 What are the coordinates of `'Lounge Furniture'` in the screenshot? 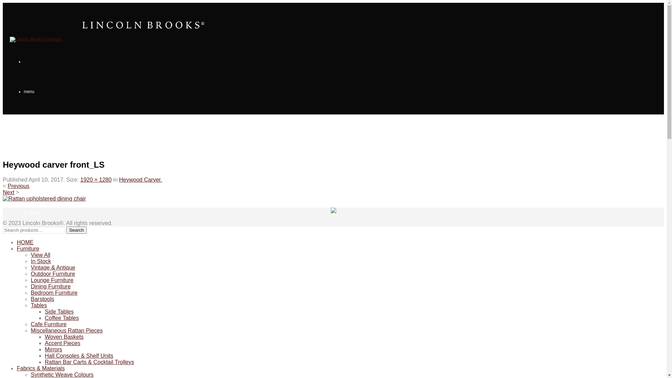 It's located at (30, 280).